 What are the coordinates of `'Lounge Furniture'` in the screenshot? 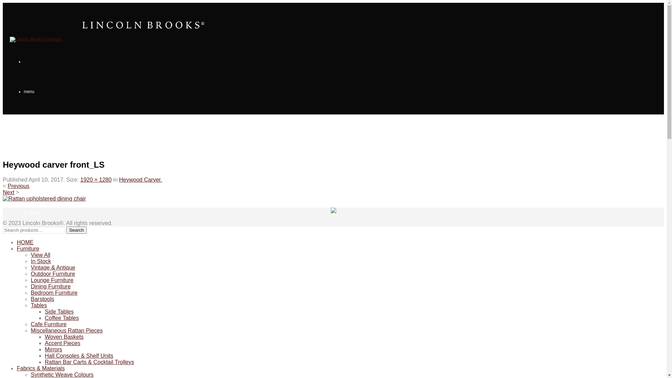 It's located at (30, 280).